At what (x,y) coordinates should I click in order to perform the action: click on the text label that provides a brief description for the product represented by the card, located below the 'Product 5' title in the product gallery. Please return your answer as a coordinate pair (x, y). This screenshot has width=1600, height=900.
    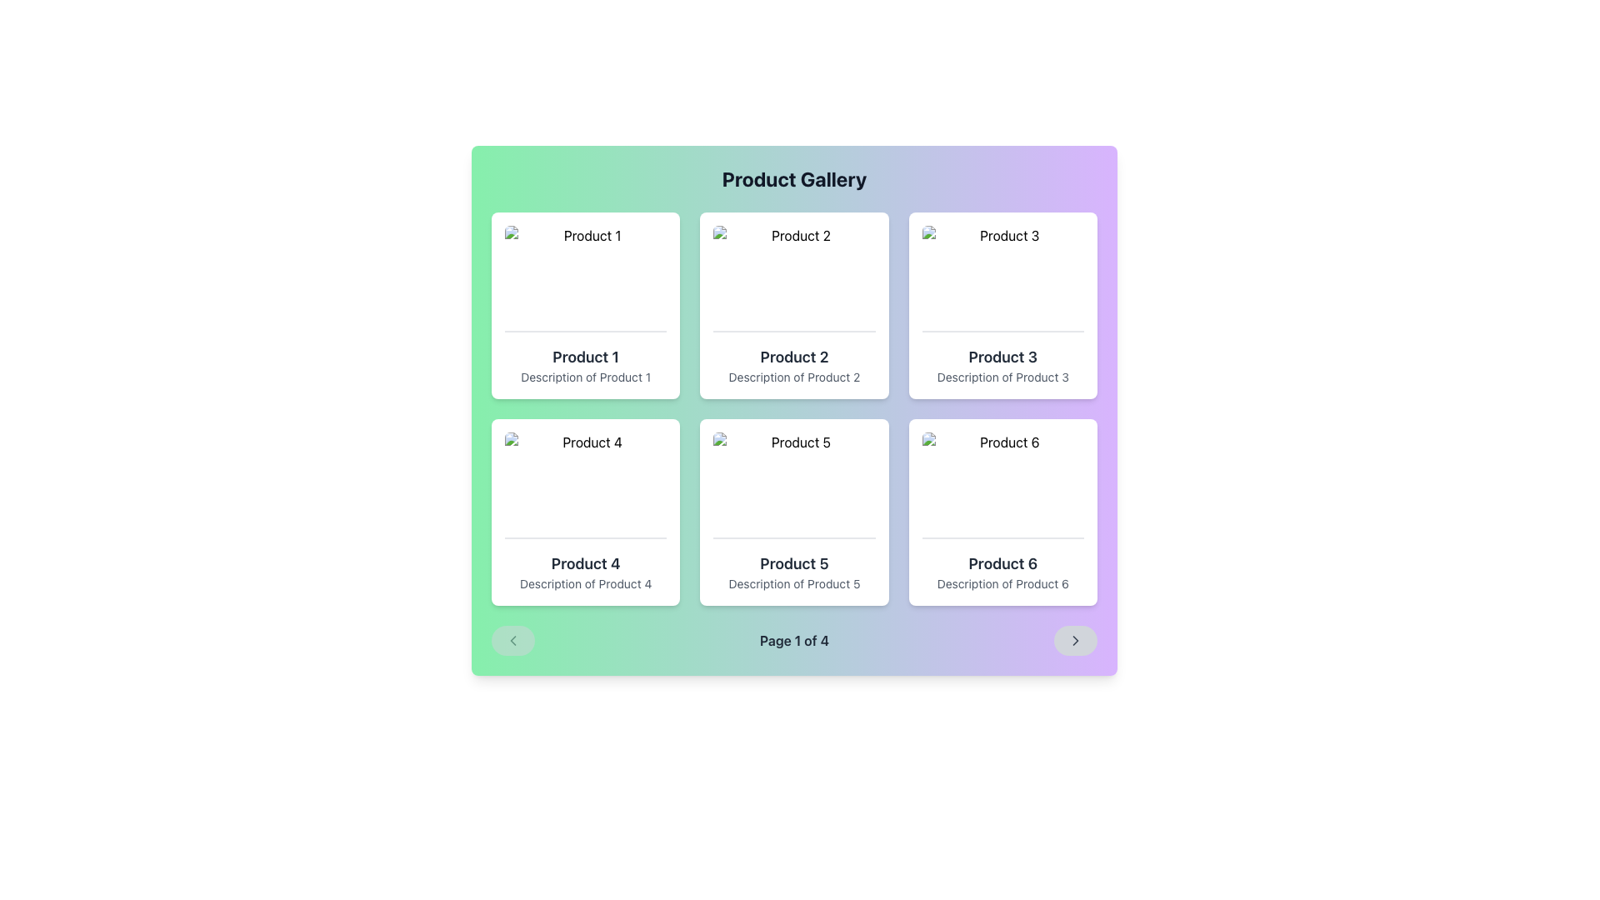
    Looking at the image, I should click on (793, 583).